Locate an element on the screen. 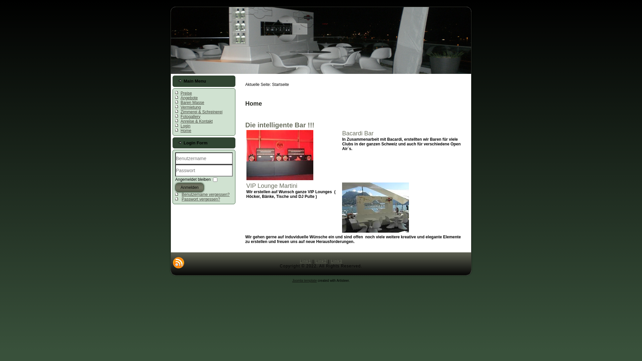 This screenshot has width=642, height=361. 'Anmelden' is located at coordinates (189, 187).